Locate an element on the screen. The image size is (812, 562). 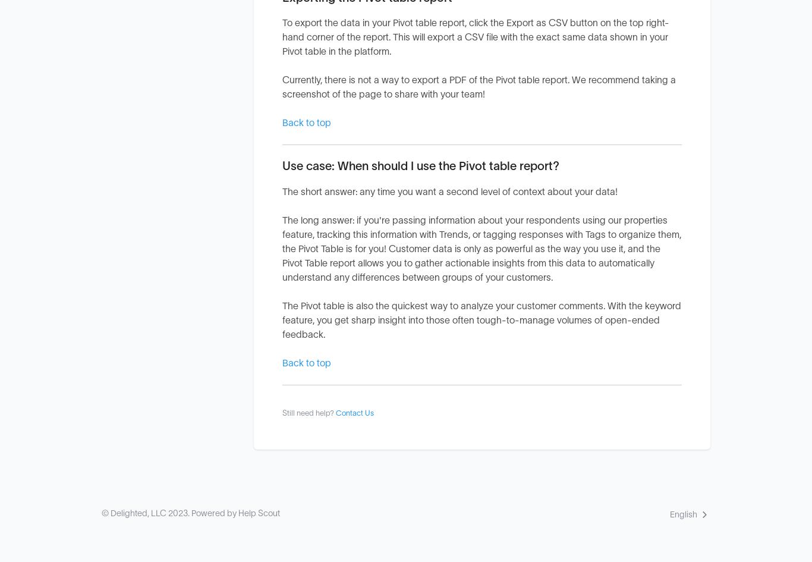
'The long answer: if you're passing information about your respondents using our properties feature, tracking this information with Trends, or tagging responses with Tags to organize them, the Pivot Table is for you! Customer data is only as powerful as the way you use it, and the Pivot Table report allows you to gather actionable insights from this data to automatically understand any differences between groups of your customers.' is located at coordinates (481, 248).